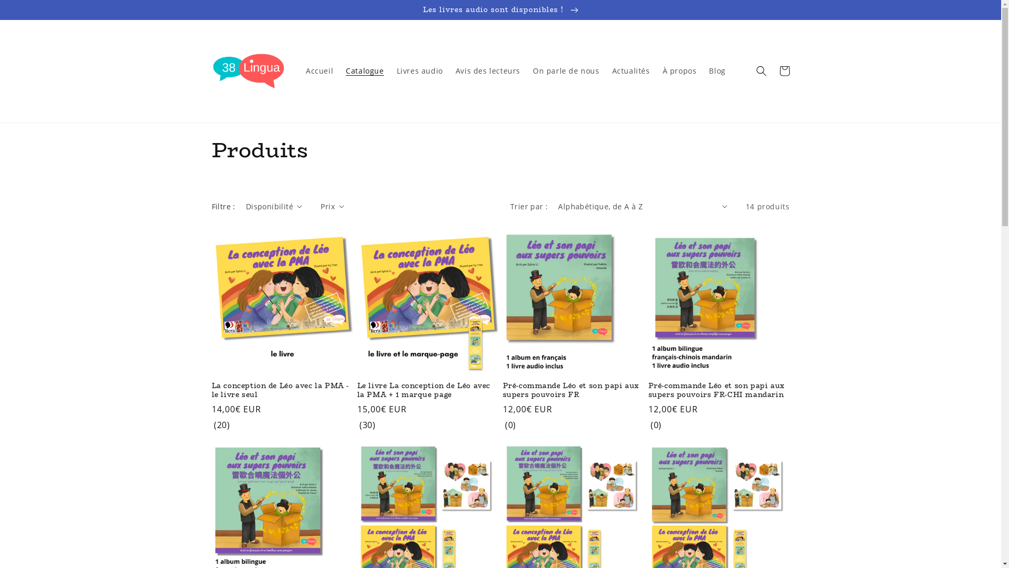  What do you see at coordinates (487, 71) in the screenshot?
I see `'Avis des lecteurs'` at bounding box center [487, 71].